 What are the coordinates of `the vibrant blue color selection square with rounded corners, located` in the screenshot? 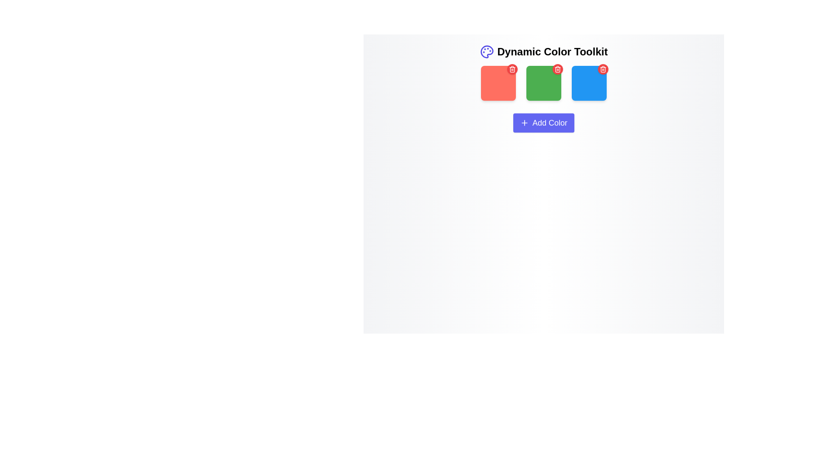 It's located at (589, 83).